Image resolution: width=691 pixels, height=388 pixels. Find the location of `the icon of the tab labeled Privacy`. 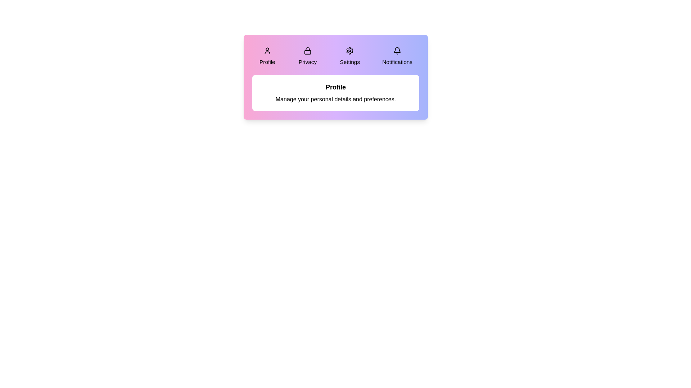

the icon of the tab labeled Privacy is located at coordinates (307, 50).